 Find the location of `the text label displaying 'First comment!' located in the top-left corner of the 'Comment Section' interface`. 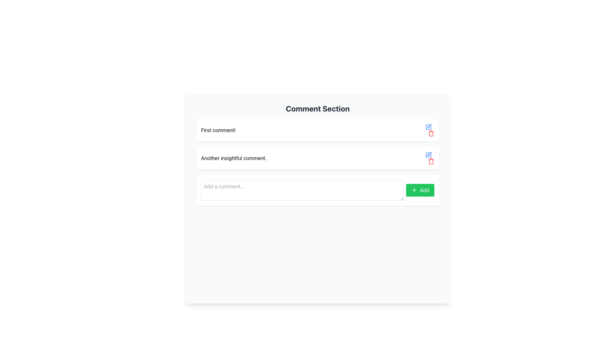

the text label displaying 'First comment!' located in the top-left corner of the 'Comment Section' interface is located at coordinates (218, 130).